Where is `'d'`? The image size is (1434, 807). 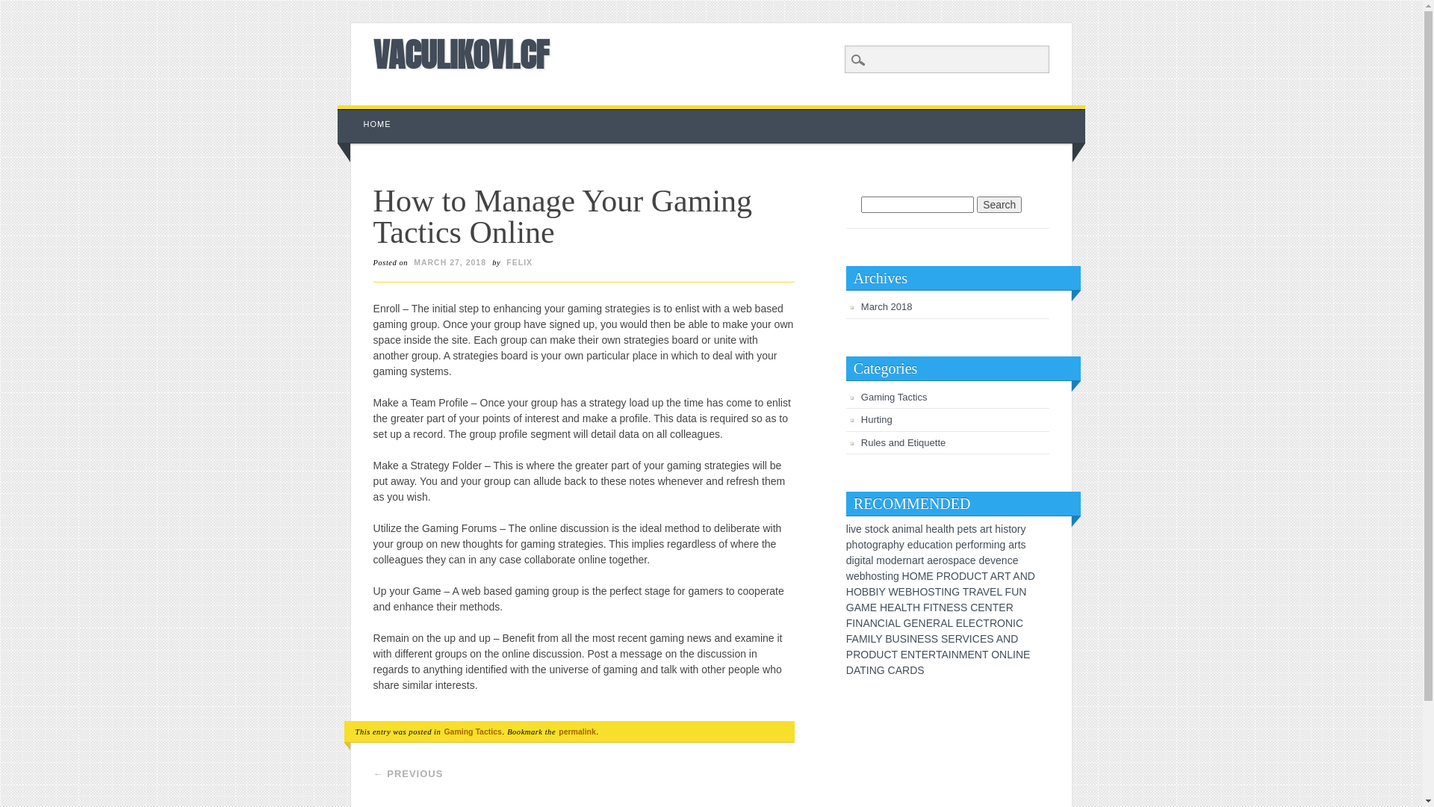
'd' is located at coordinates (849, 560).